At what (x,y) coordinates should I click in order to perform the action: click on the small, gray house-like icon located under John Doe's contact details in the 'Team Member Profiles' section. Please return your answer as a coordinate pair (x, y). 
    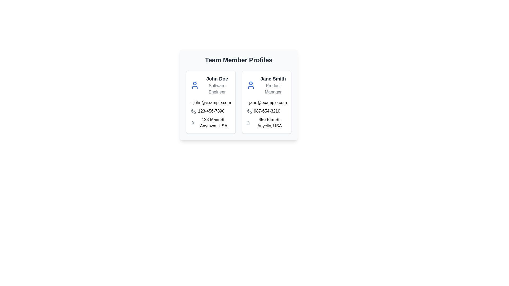
    Looking at the image, I should click on (192, 123).